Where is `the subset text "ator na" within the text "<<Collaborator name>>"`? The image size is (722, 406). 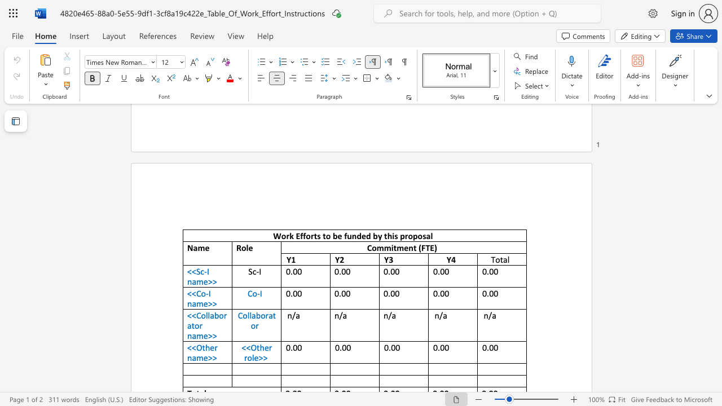
the subset text "ator na" within the text "<<Collaborator name>>" is located at coordinates (187, 325).